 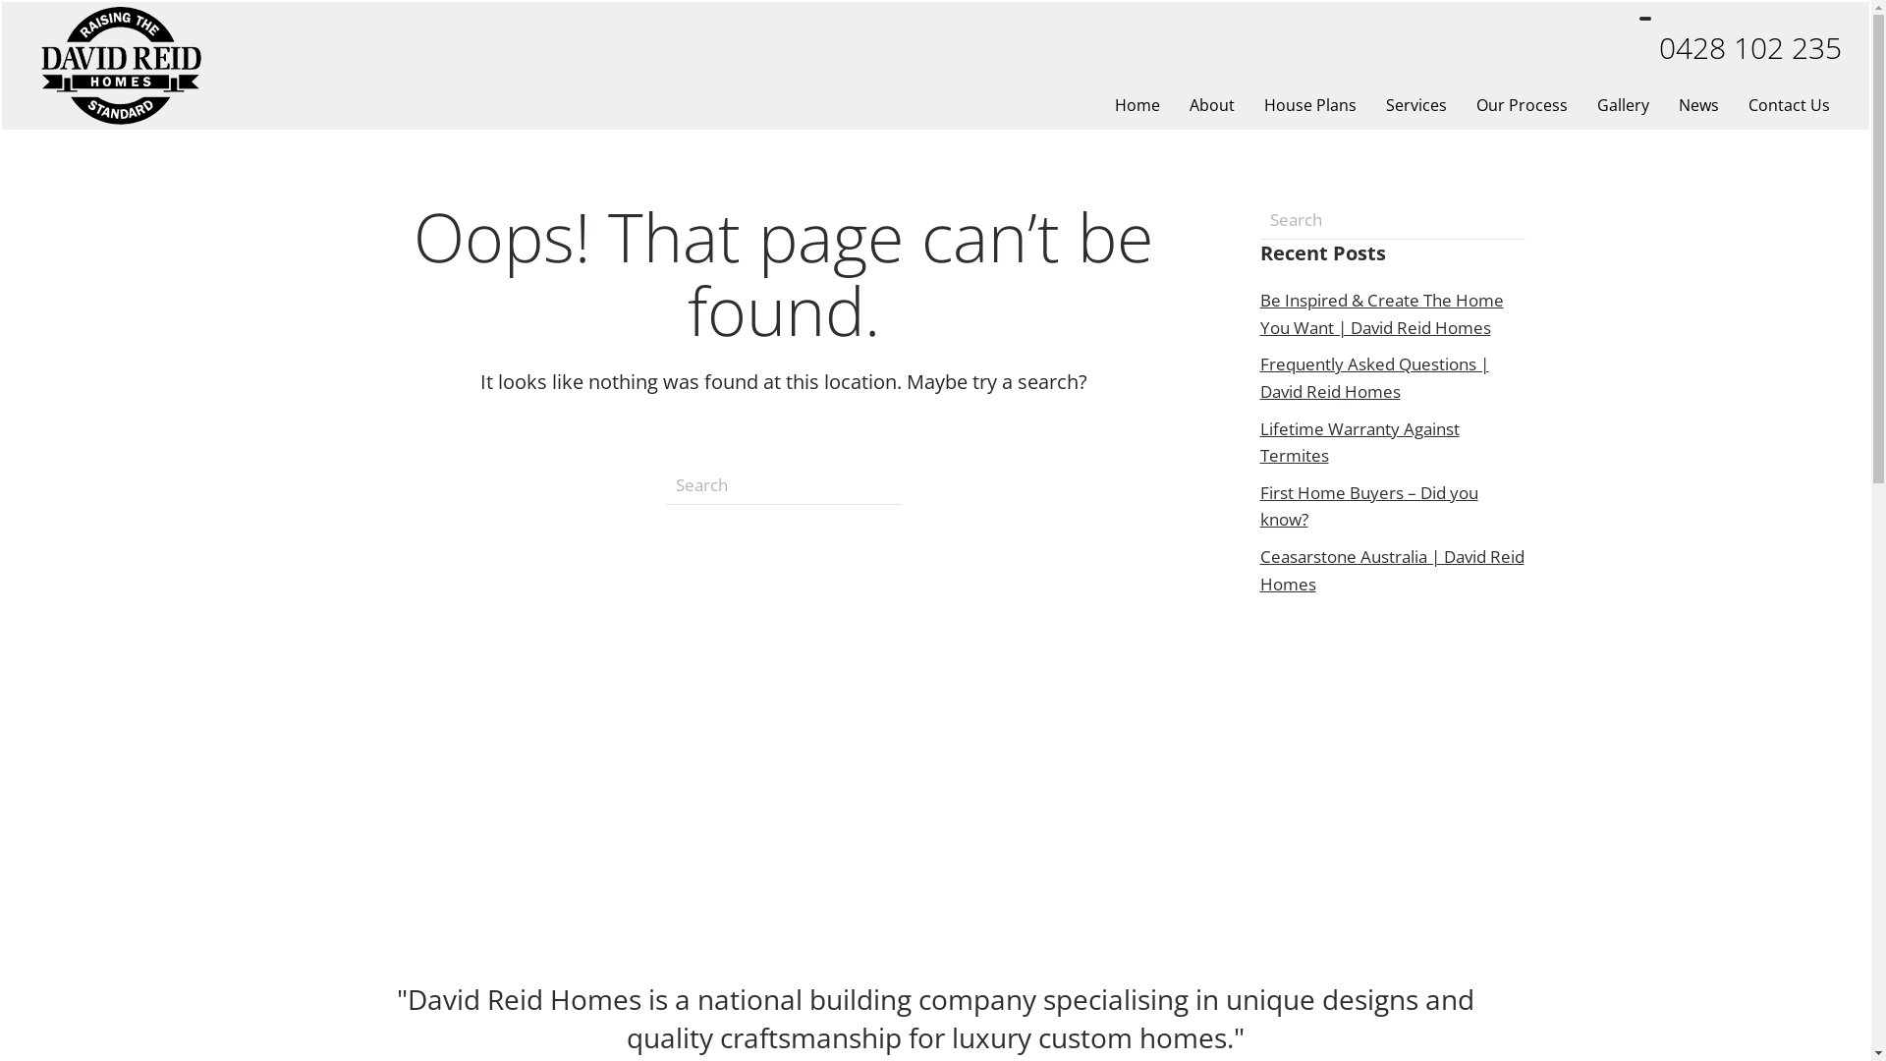 I want to click on 'Ceasarstone Australia | David Reid Homes', so click(x=1390, y=570).